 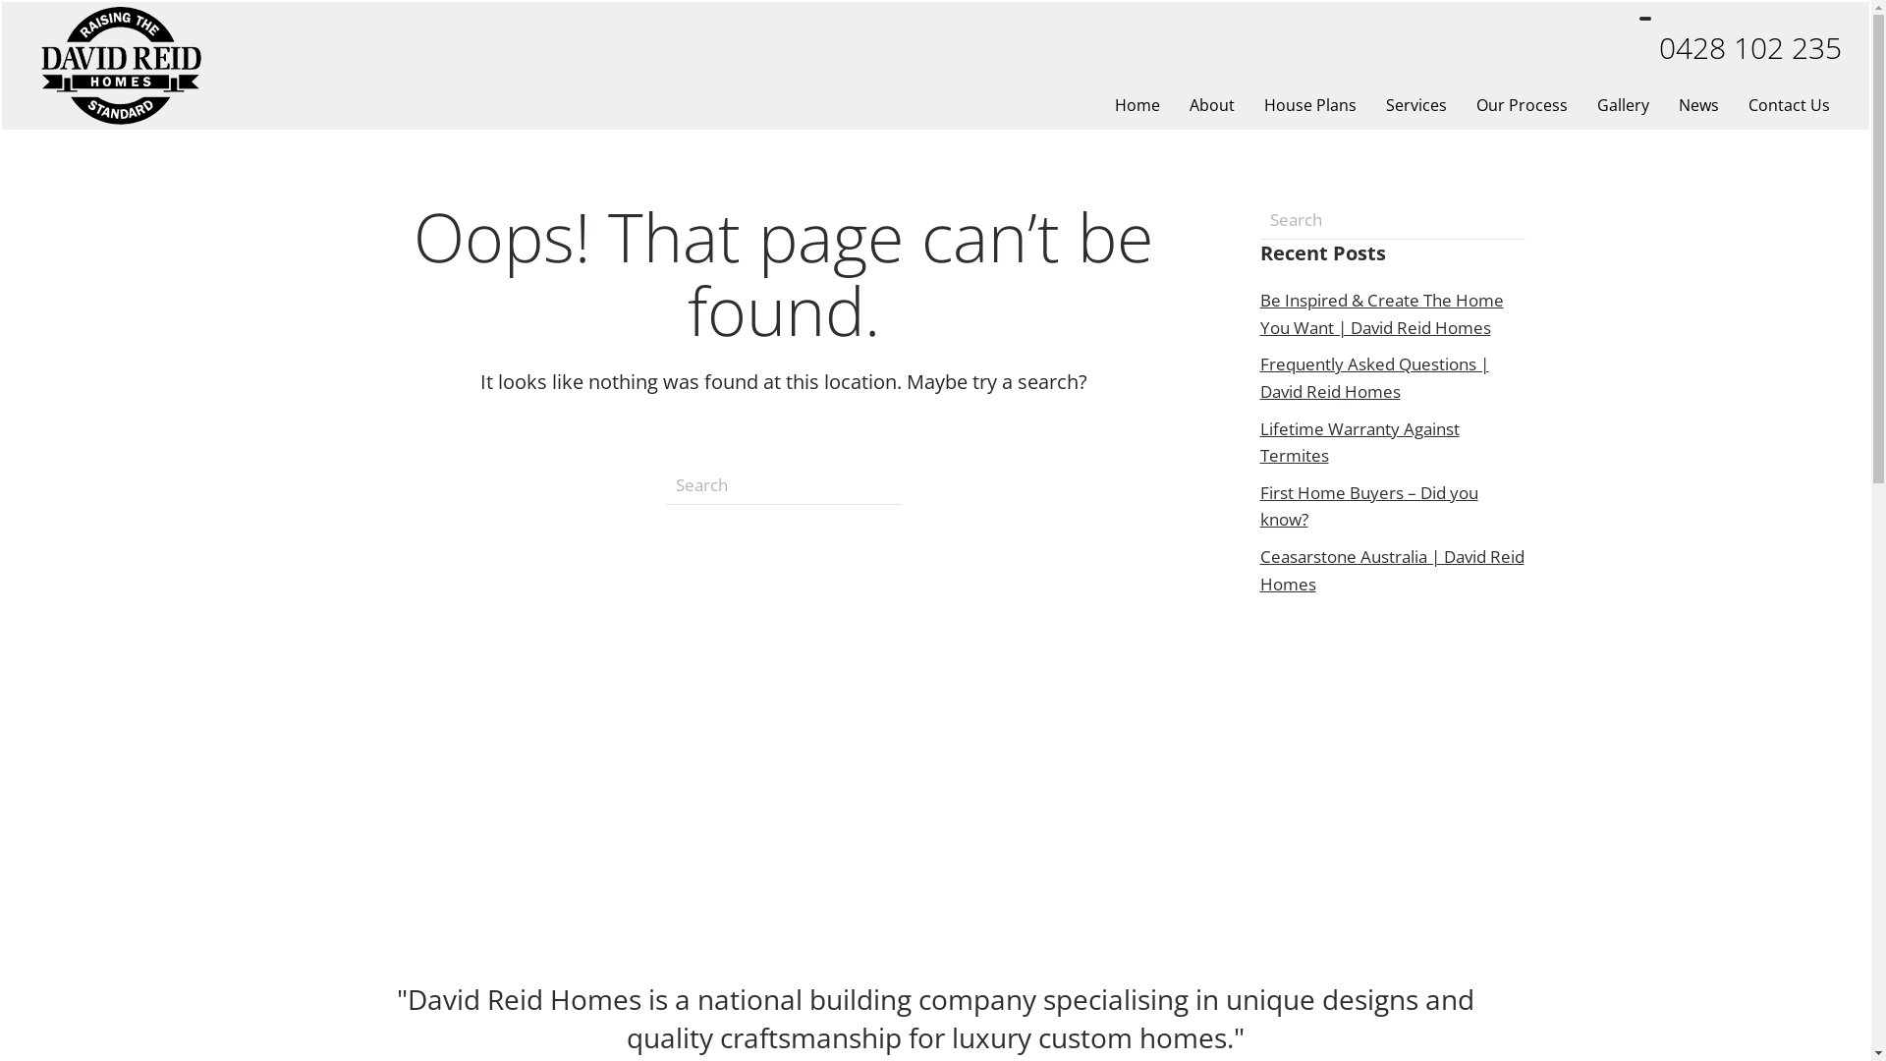 I want to click on 'Ceasarstone Australia | David Reid Homes', so click(x=1390, y=570).